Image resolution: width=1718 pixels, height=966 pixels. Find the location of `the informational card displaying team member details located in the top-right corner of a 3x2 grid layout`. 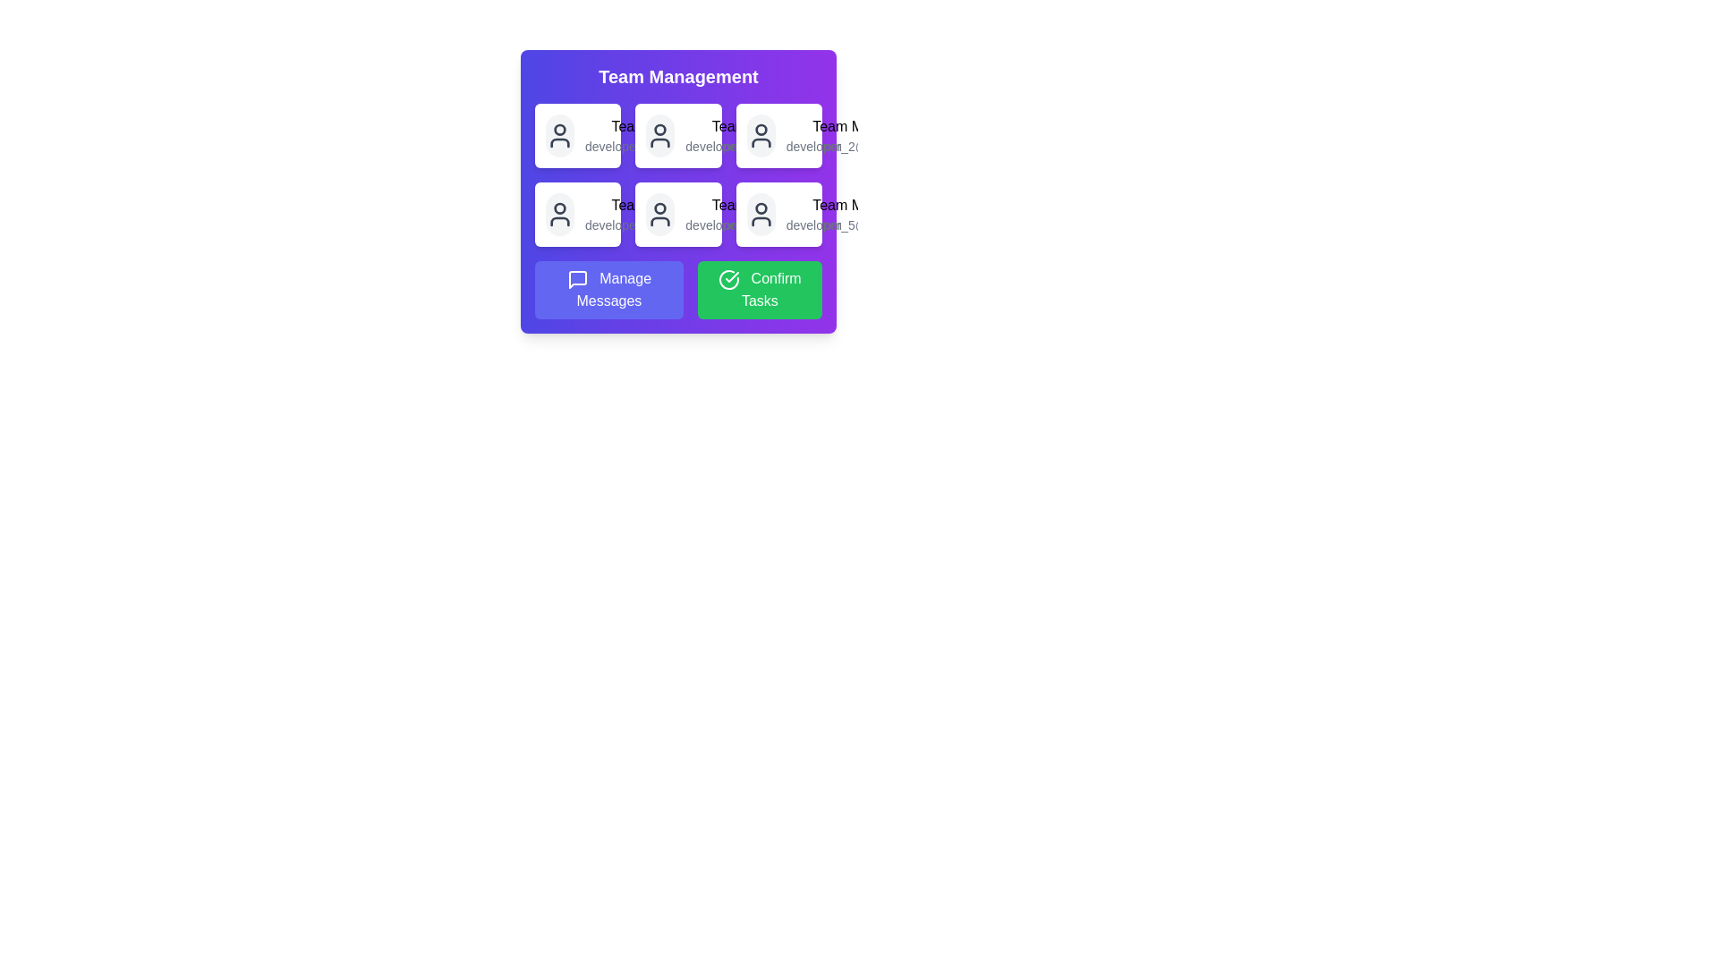

the informational card displaying team member details located in the top-right corner of a 3x2 grid layout is located at coordinates (778, 134).